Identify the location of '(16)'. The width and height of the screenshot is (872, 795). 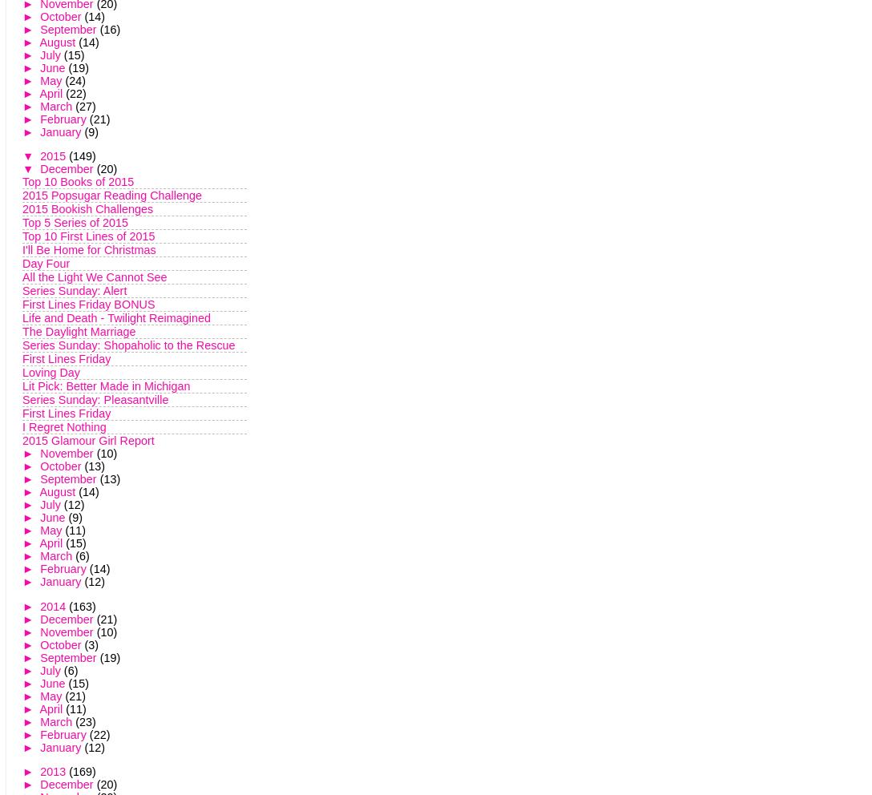
(109, 28).